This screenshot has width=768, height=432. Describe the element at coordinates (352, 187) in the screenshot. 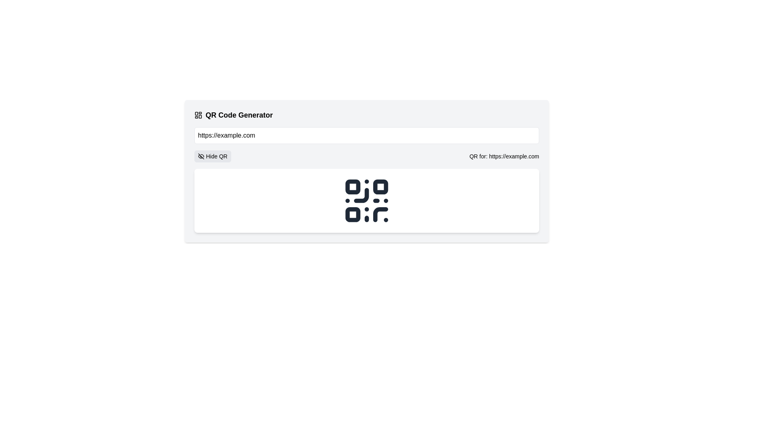

I see `the top-left square of the QR code, which is an SVG rectangle element contributing to its scannable structure` at that location.